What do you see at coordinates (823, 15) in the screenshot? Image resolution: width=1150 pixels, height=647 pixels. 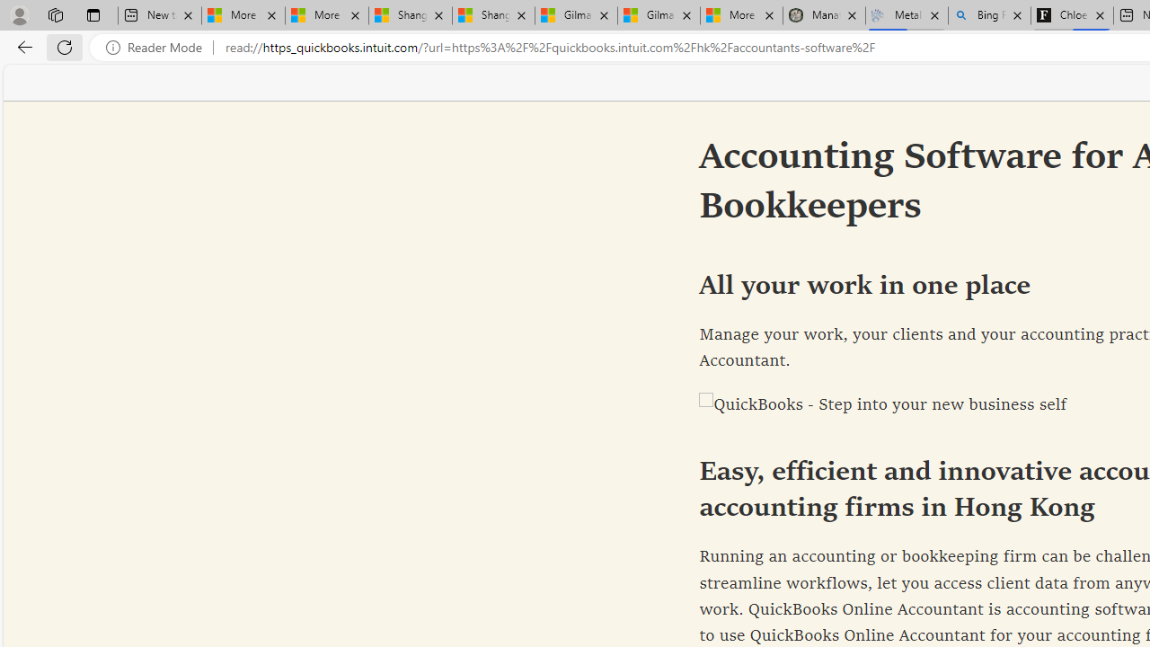 I see `'Manatee Mortality Statistics | FWC'` at bounding box center [823, 15].